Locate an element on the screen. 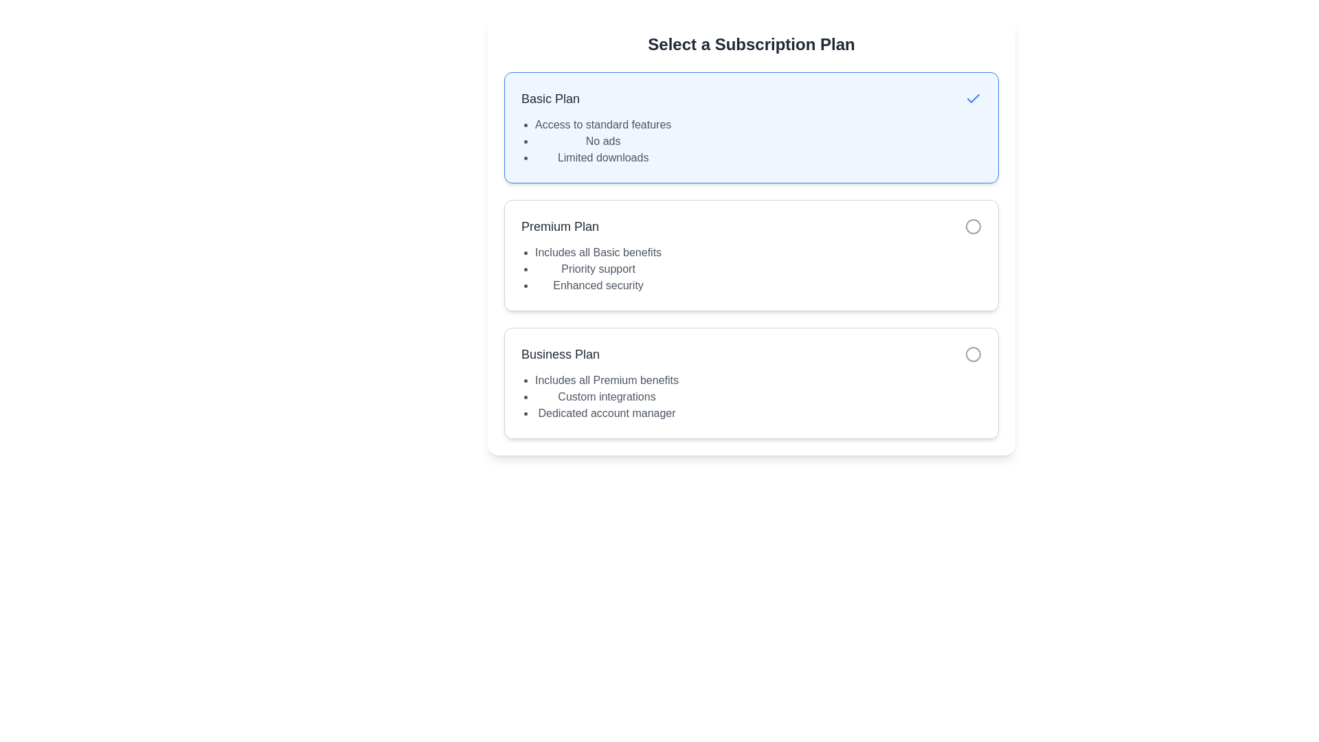 Image resolution: width=1319 pixels, height=742 pixels. the text label displaying 'Priority support' located in the Premium Plan section, which is the second item in a bullet list is located at coordinates (598, 269).